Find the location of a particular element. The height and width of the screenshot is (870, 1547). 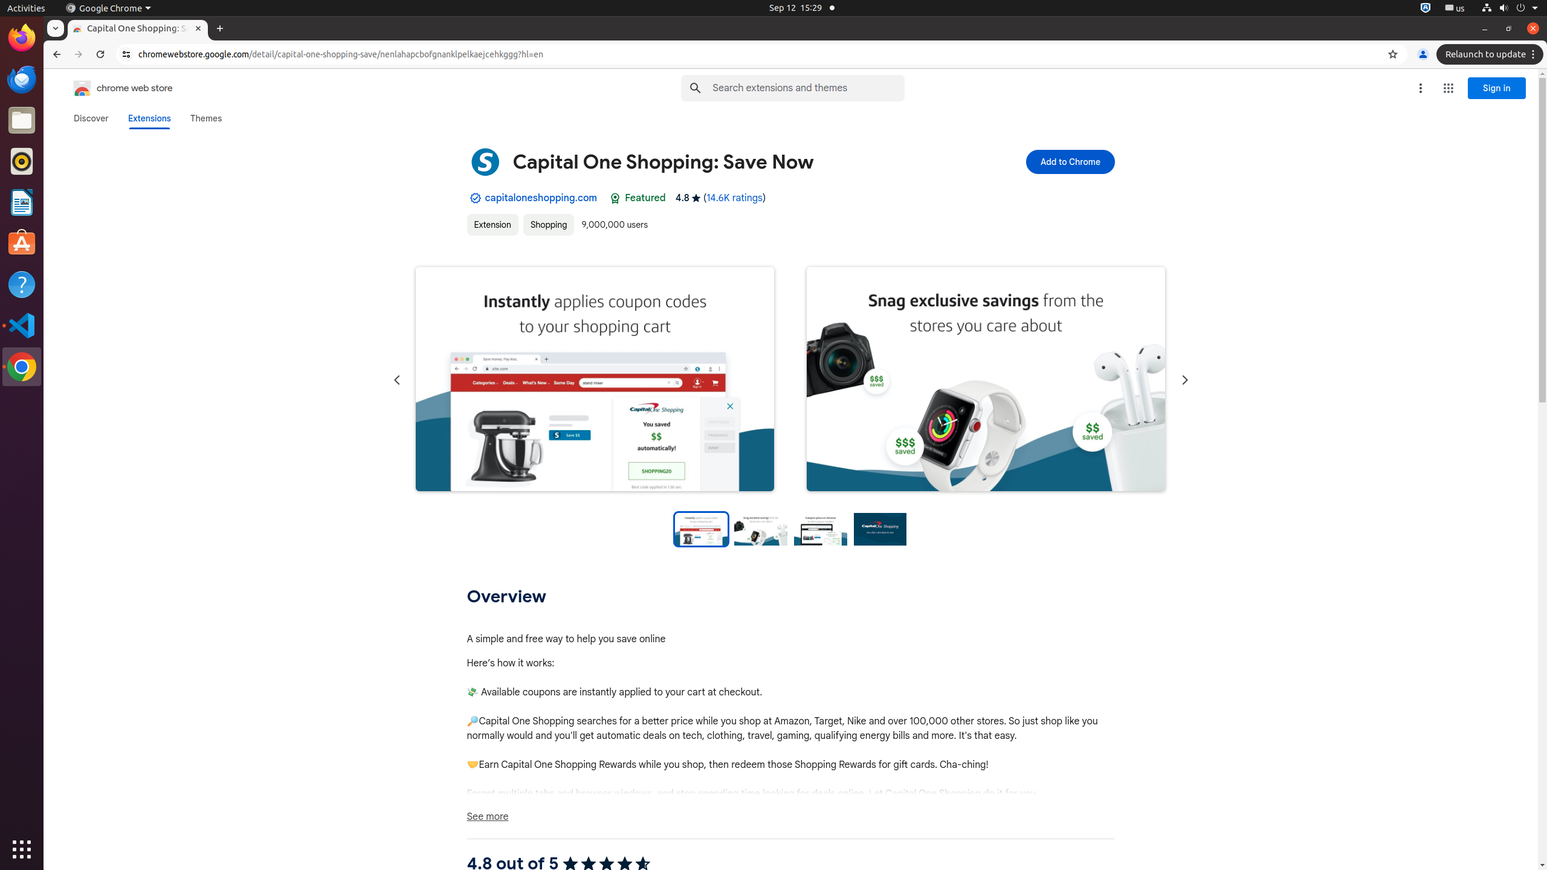

'Add to Chrome' is located at coordinates (1070, 161).